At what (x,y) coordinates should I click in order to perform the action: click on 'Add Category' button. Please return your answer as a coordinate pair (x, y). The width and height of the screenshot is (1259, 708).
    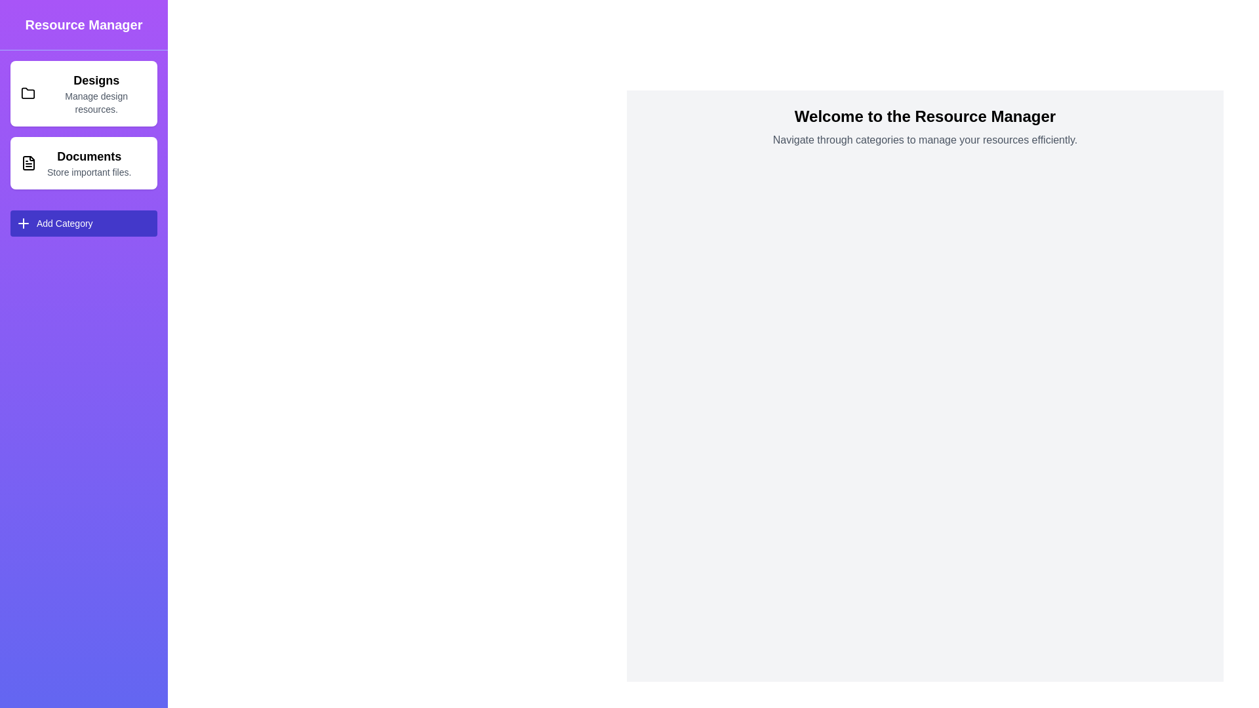
    Looking at the image, I should click on (83, 222).